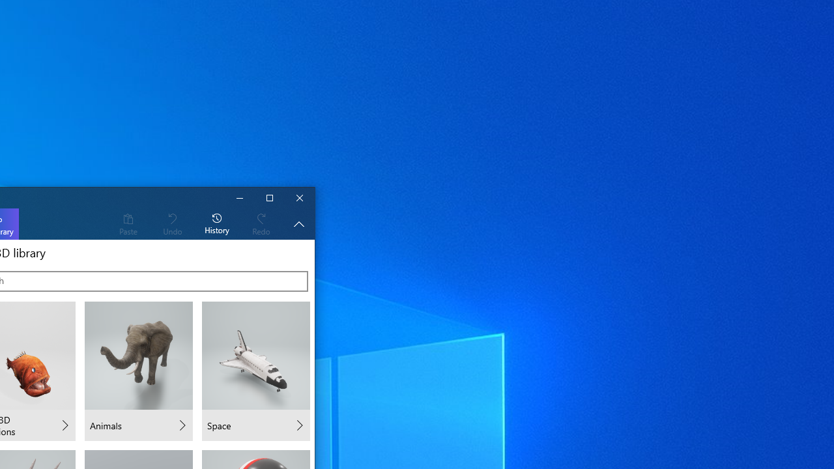  Describe the element at coordinates (217, 223) in the screenshot. I see `'History'` at that location.